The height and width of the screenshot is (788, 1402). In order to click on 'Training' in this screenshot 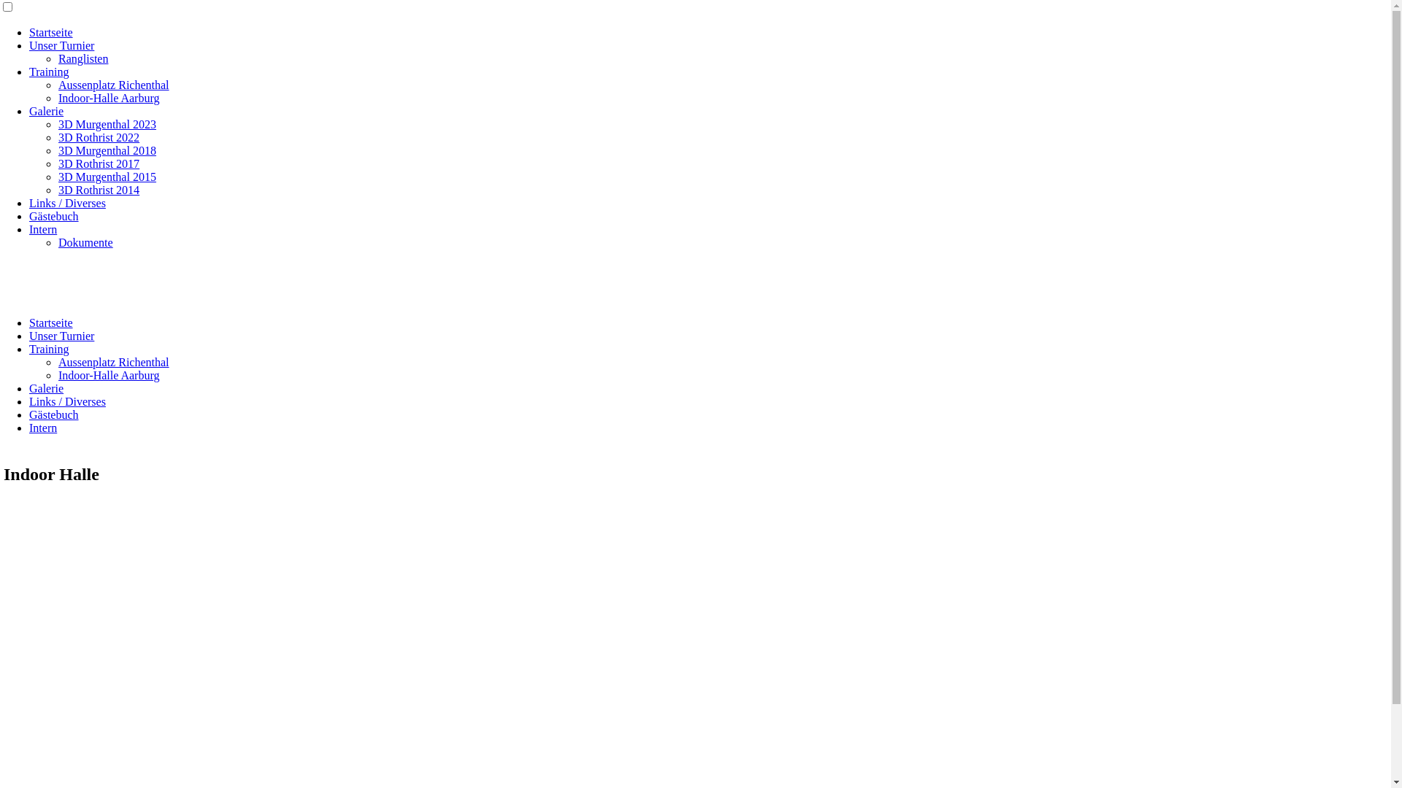, I will do `click(28, 349)`.